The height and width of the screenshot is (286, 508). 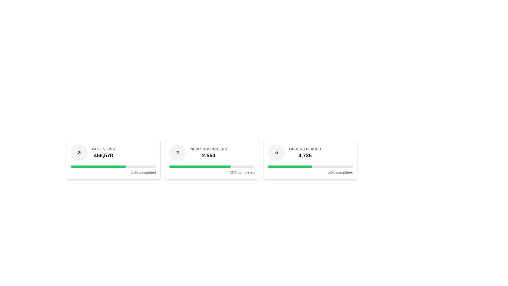 What do you see at coordinates (212, 153) in the screenshot?
I see `the Information Display Component that shows 'NEW SUBSCRIBERS' with the numerical value '2,550', located in the second card from the left, just above a green progress bar` at bounding box center [212, 153].